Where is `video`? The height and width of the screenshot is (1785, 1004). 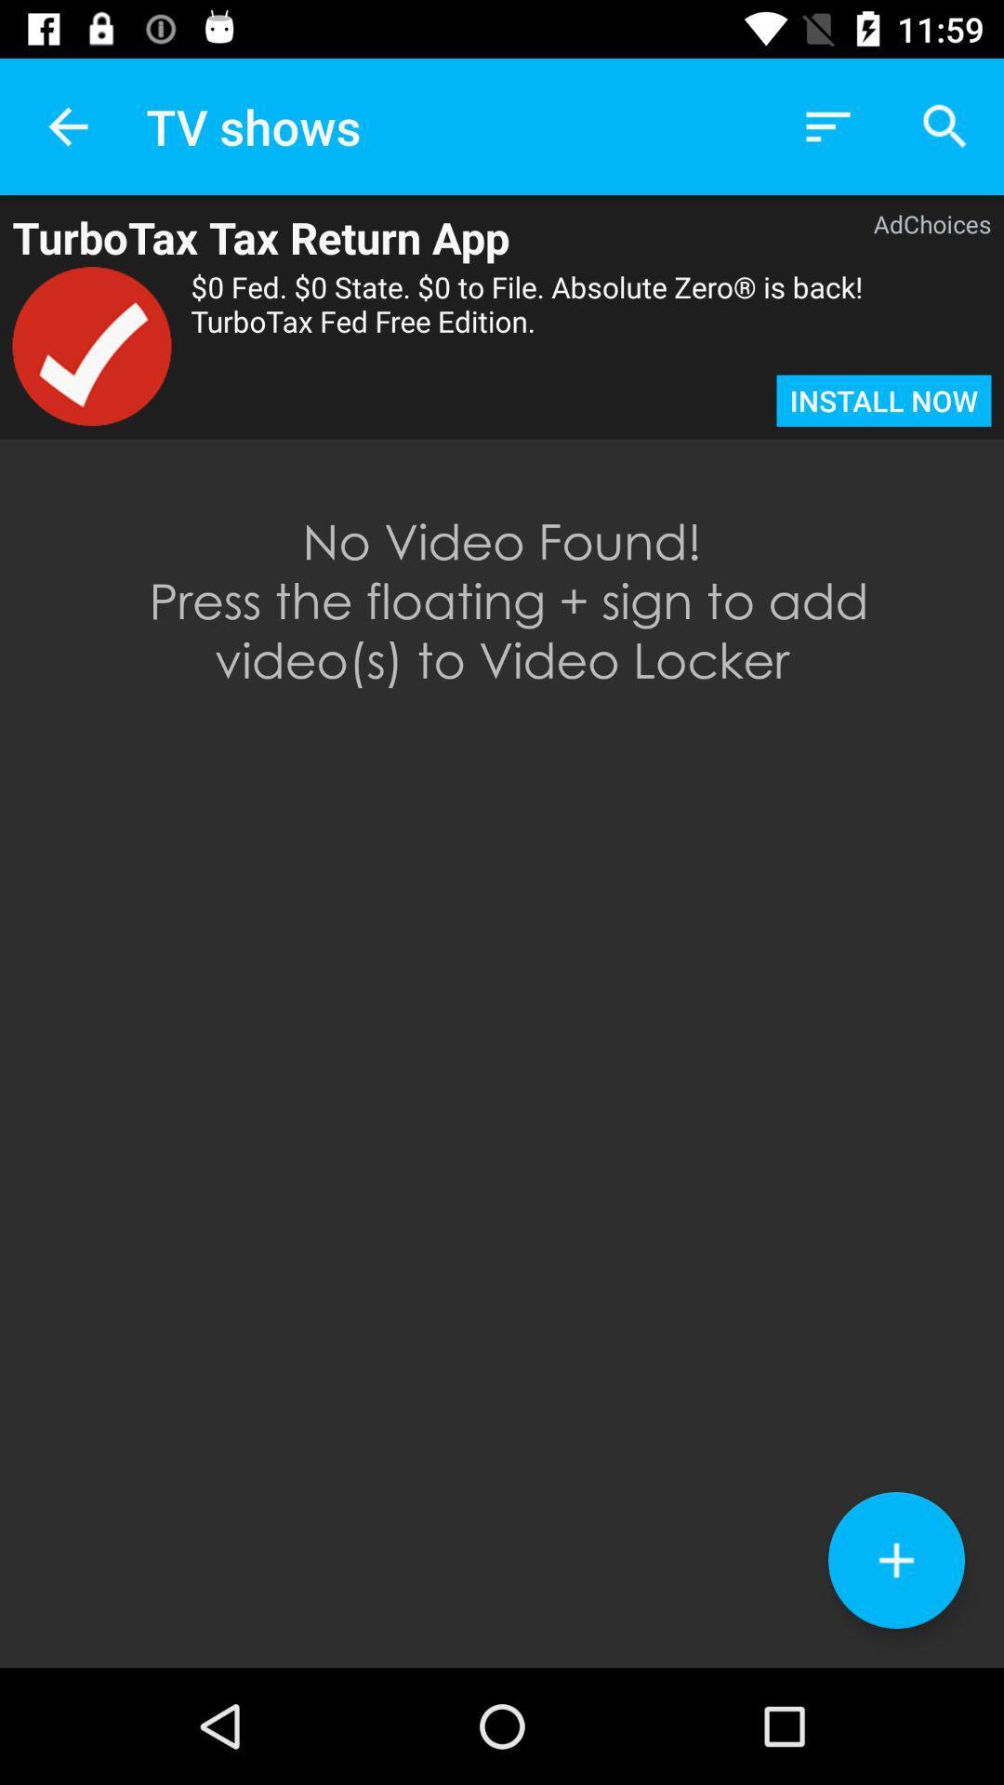 video is located at coordinates (895, 1560).